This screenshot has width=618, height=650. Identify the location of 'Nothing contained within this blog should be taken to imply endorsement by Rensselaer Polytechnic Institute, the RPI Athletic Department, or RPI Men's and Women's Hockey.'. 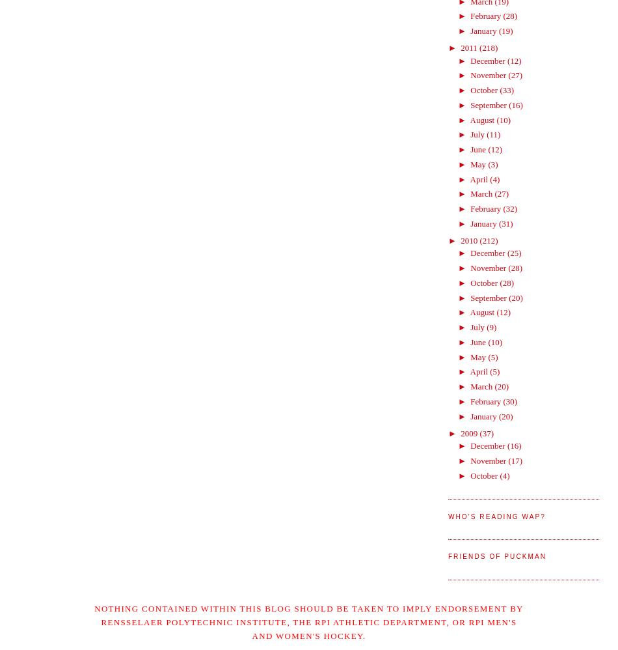
(308, 621).